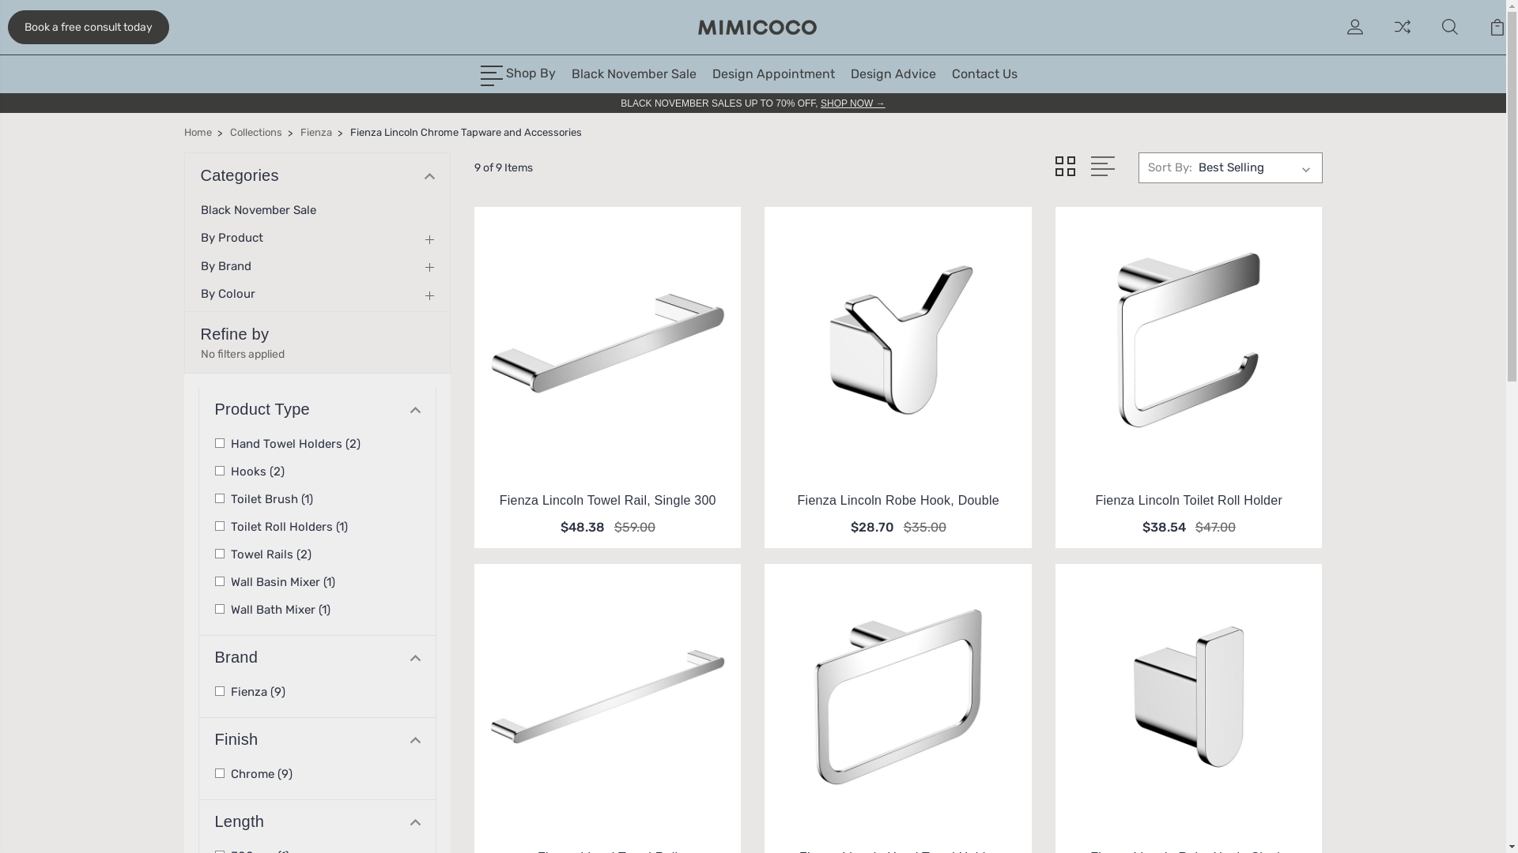 Image resolution: width=1518 pixels, height=853 pixels. What do you see at coordinates (196, 131) in the screenshot?
I see `'Home'` at bounding box center [196, 131].